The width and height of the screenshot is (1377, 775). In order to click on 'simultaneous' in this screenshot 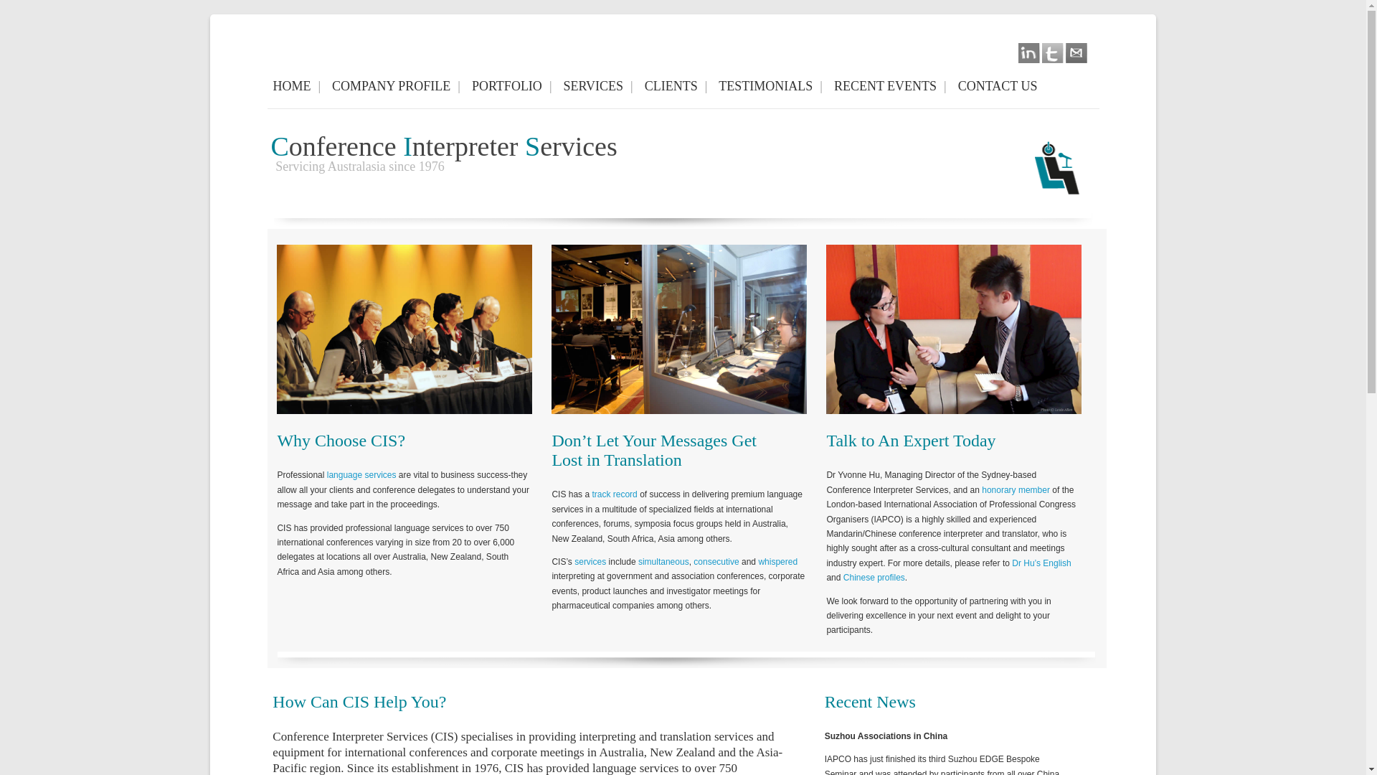, I will do `click(637, 561)`.